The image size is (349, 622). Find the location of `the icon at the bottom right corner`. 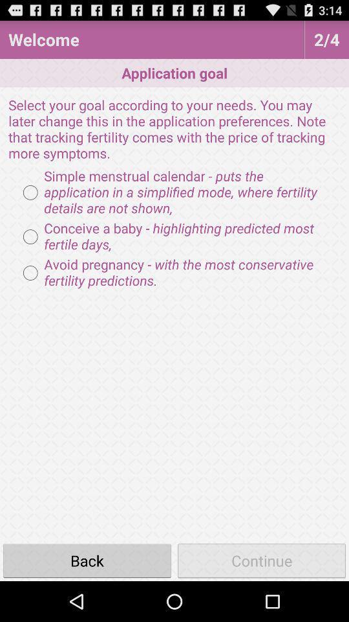

the icon at the bottom right corner is located at coordinates (262, 560).